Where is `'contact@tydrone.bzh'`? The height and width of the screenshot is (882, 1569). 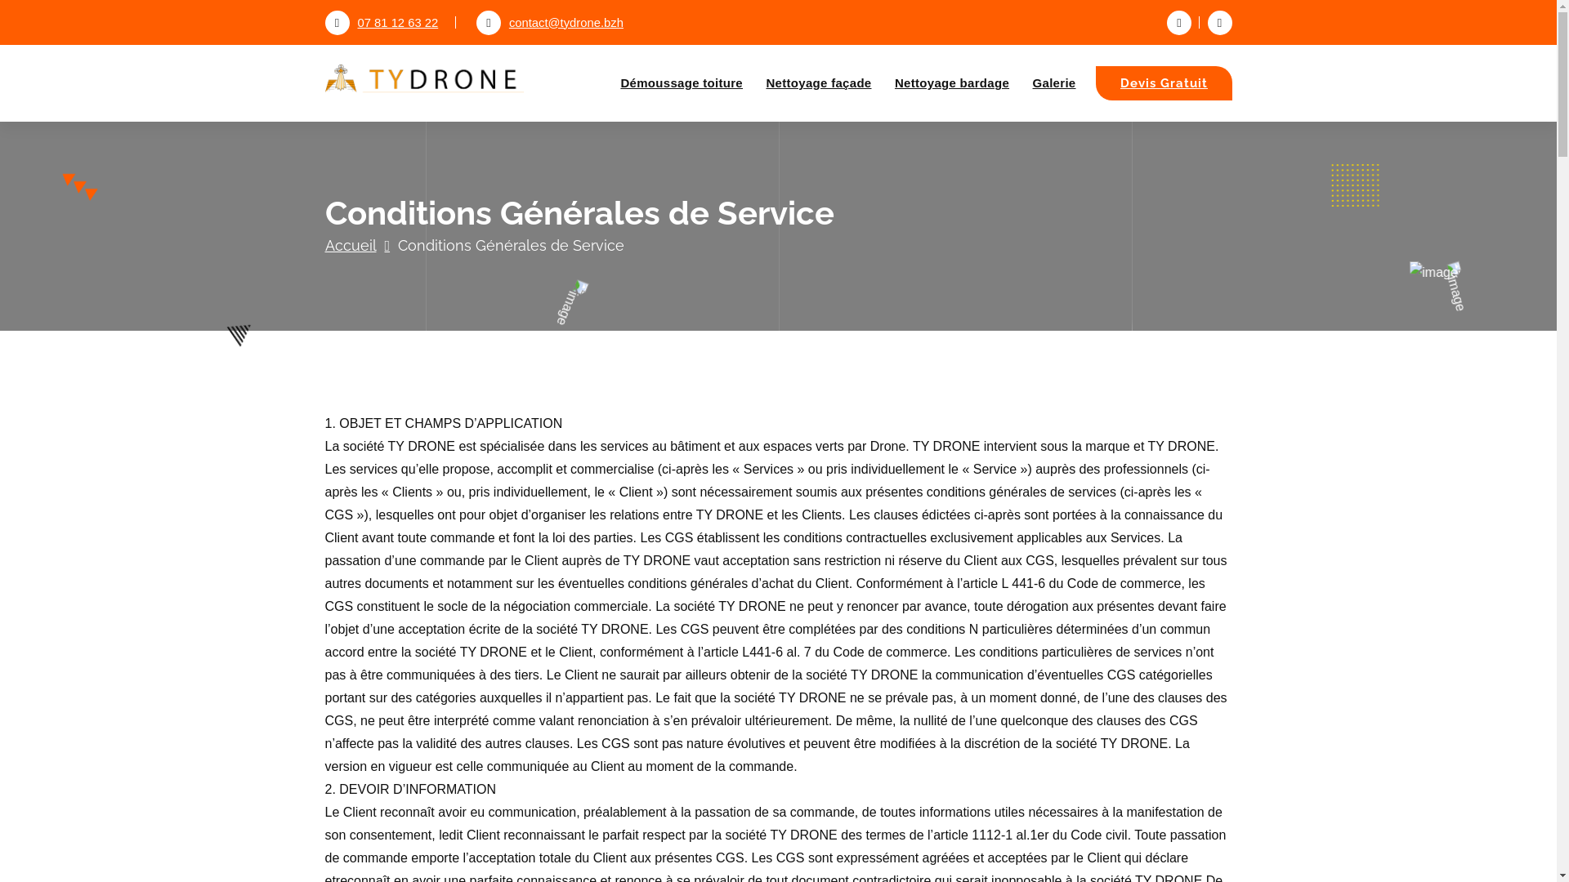
'contact@tydrone.bzh' is located at coordinates (475, 22).